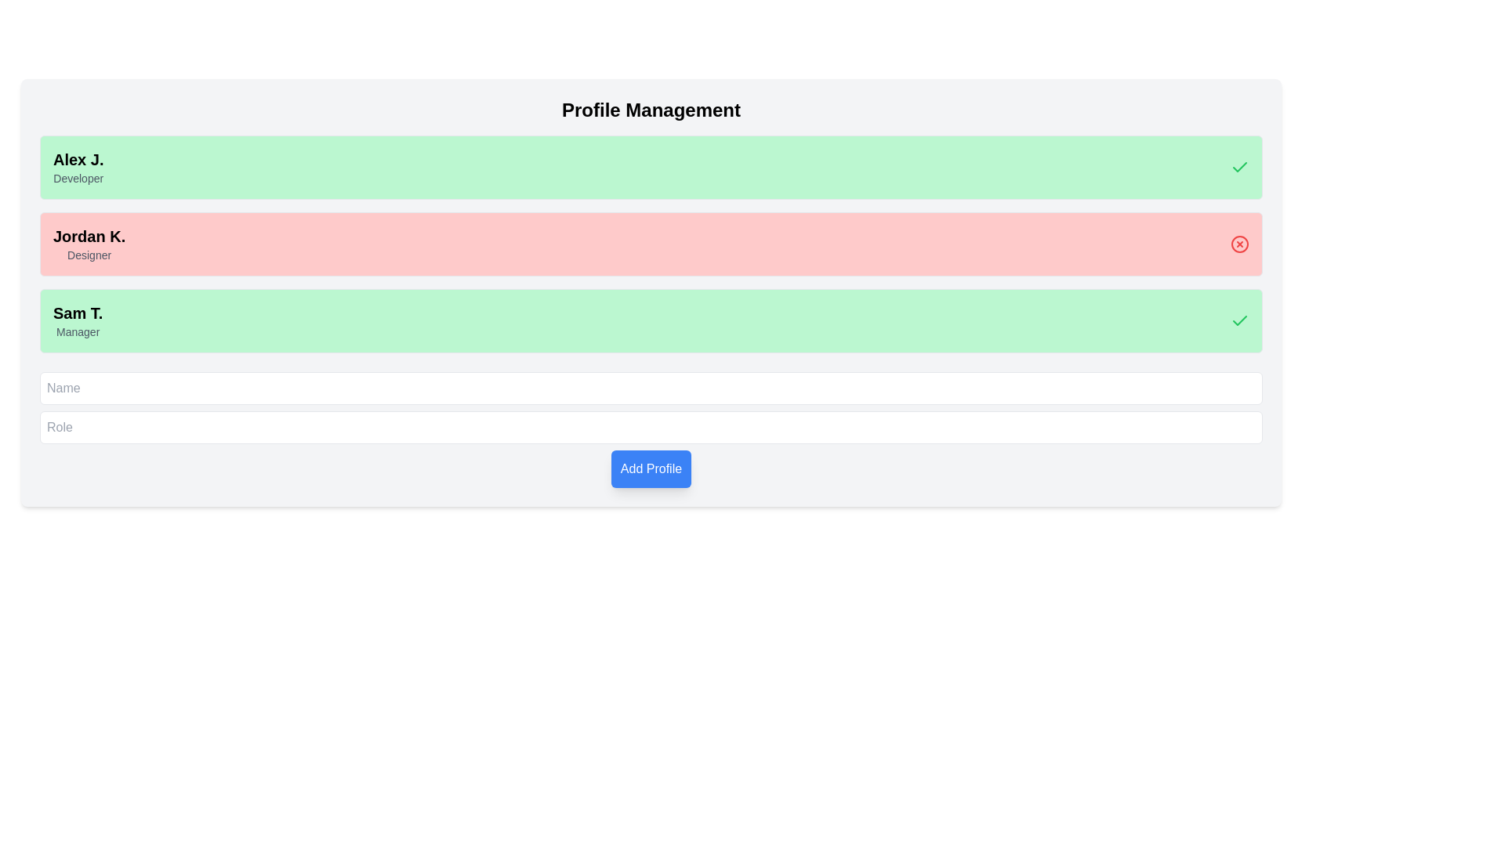 The image size is (1505, 846). What do you see at coordinates (77, 331) in the screenshot?
I see `the static text label displaying 'Manager' in small gray text, located below 'Sam T.' within the green background section of the user profile list` at bounding box center [77, 331].